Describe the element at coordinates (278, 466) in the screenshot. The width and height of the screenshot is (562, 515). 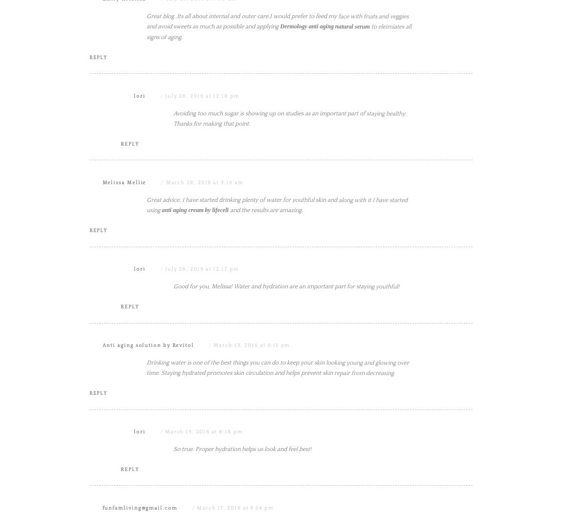
I see `'Drinking water is one of the best things you can do to keep your skin looking young and glowing over time. Staying hydrated promotes skin circulation and helps prevent skin repair from decreasing.'` at that location.